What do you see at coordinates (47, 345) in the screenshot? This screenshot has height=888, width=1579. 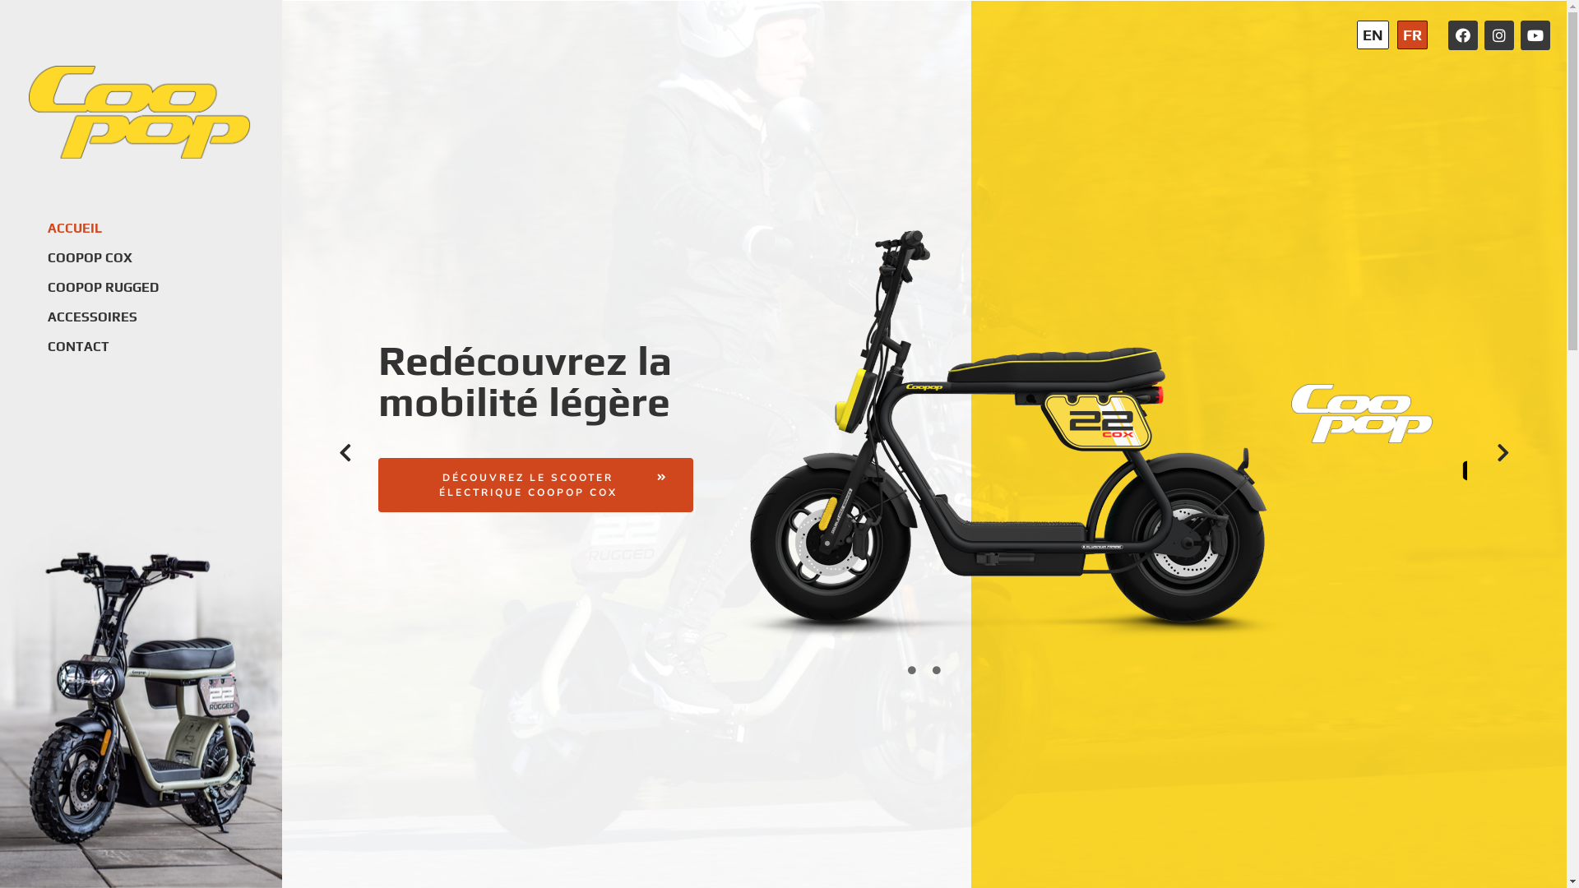 I see `'CONTACT'` at bounding box center [47, 345].